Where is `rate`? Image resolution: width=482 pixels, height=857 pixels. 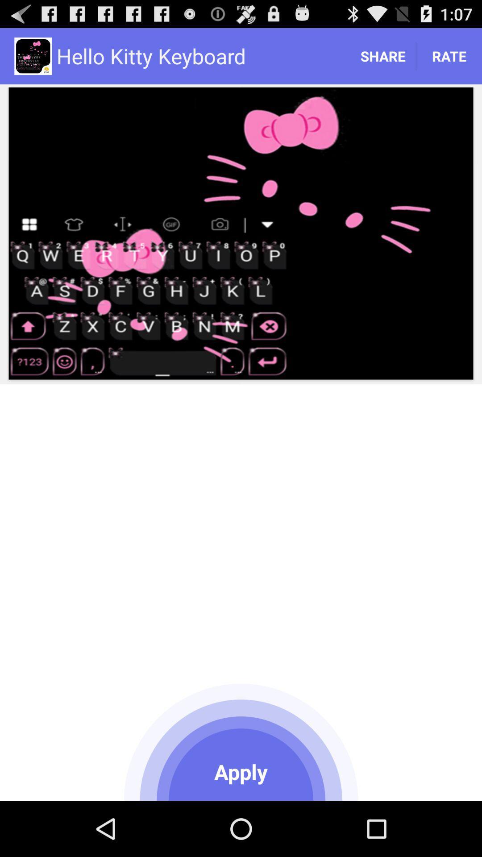 rate is located at coordinates (449, 55).